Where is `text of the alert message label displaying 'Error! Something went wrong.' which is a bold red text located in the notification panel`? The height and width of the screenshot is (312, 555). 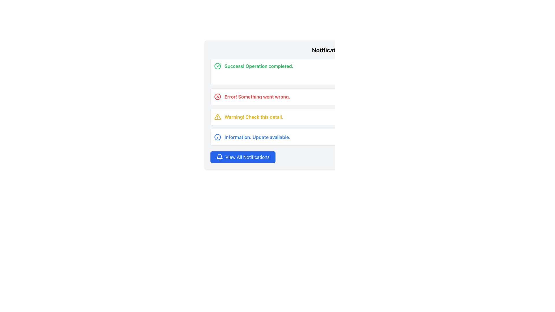 text of the alert message label displaying 'Error! Something went wrong.' which is a bold red text located in the notification panel is located at coordinates (257, 96).